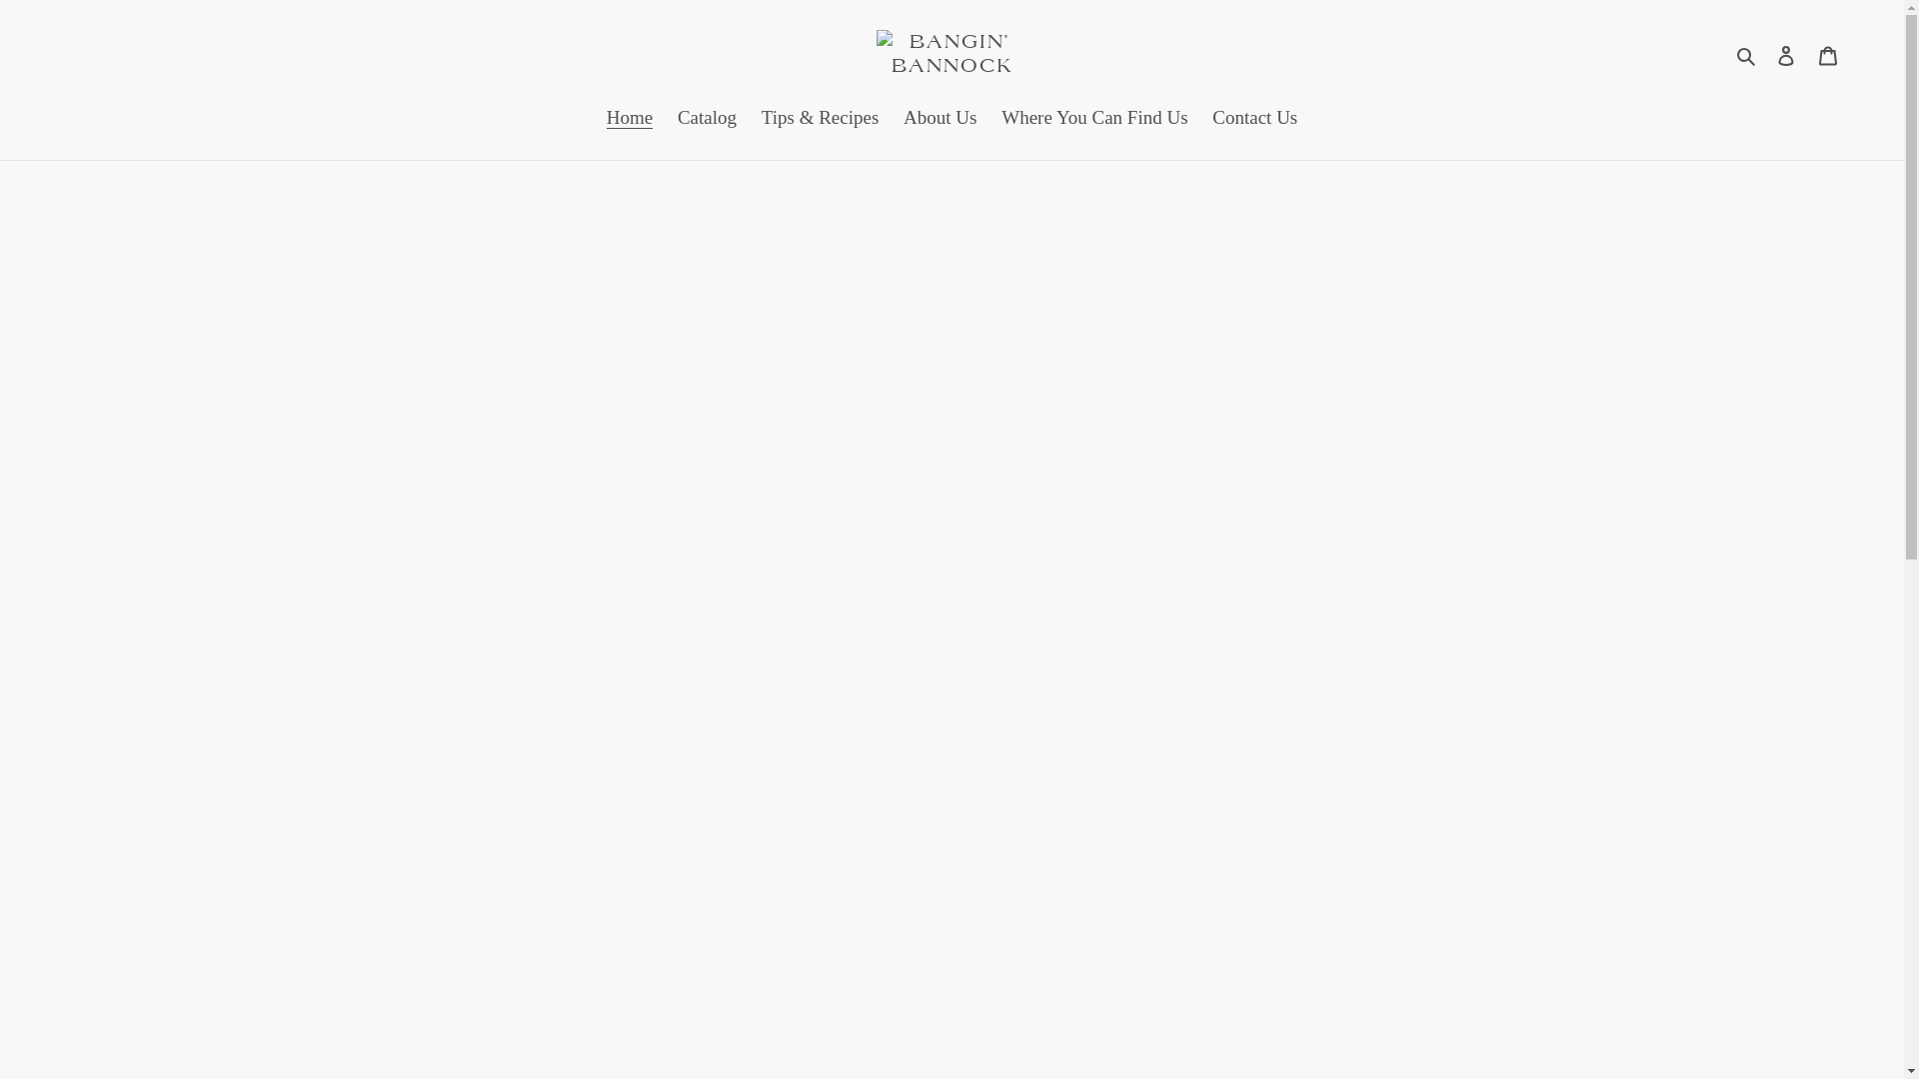 The width and height of the screenshot is (1919, 1079). Describe the element at coordinates (820, 119) in the screenshot. I see `'Tips & Recipes'` at that location.